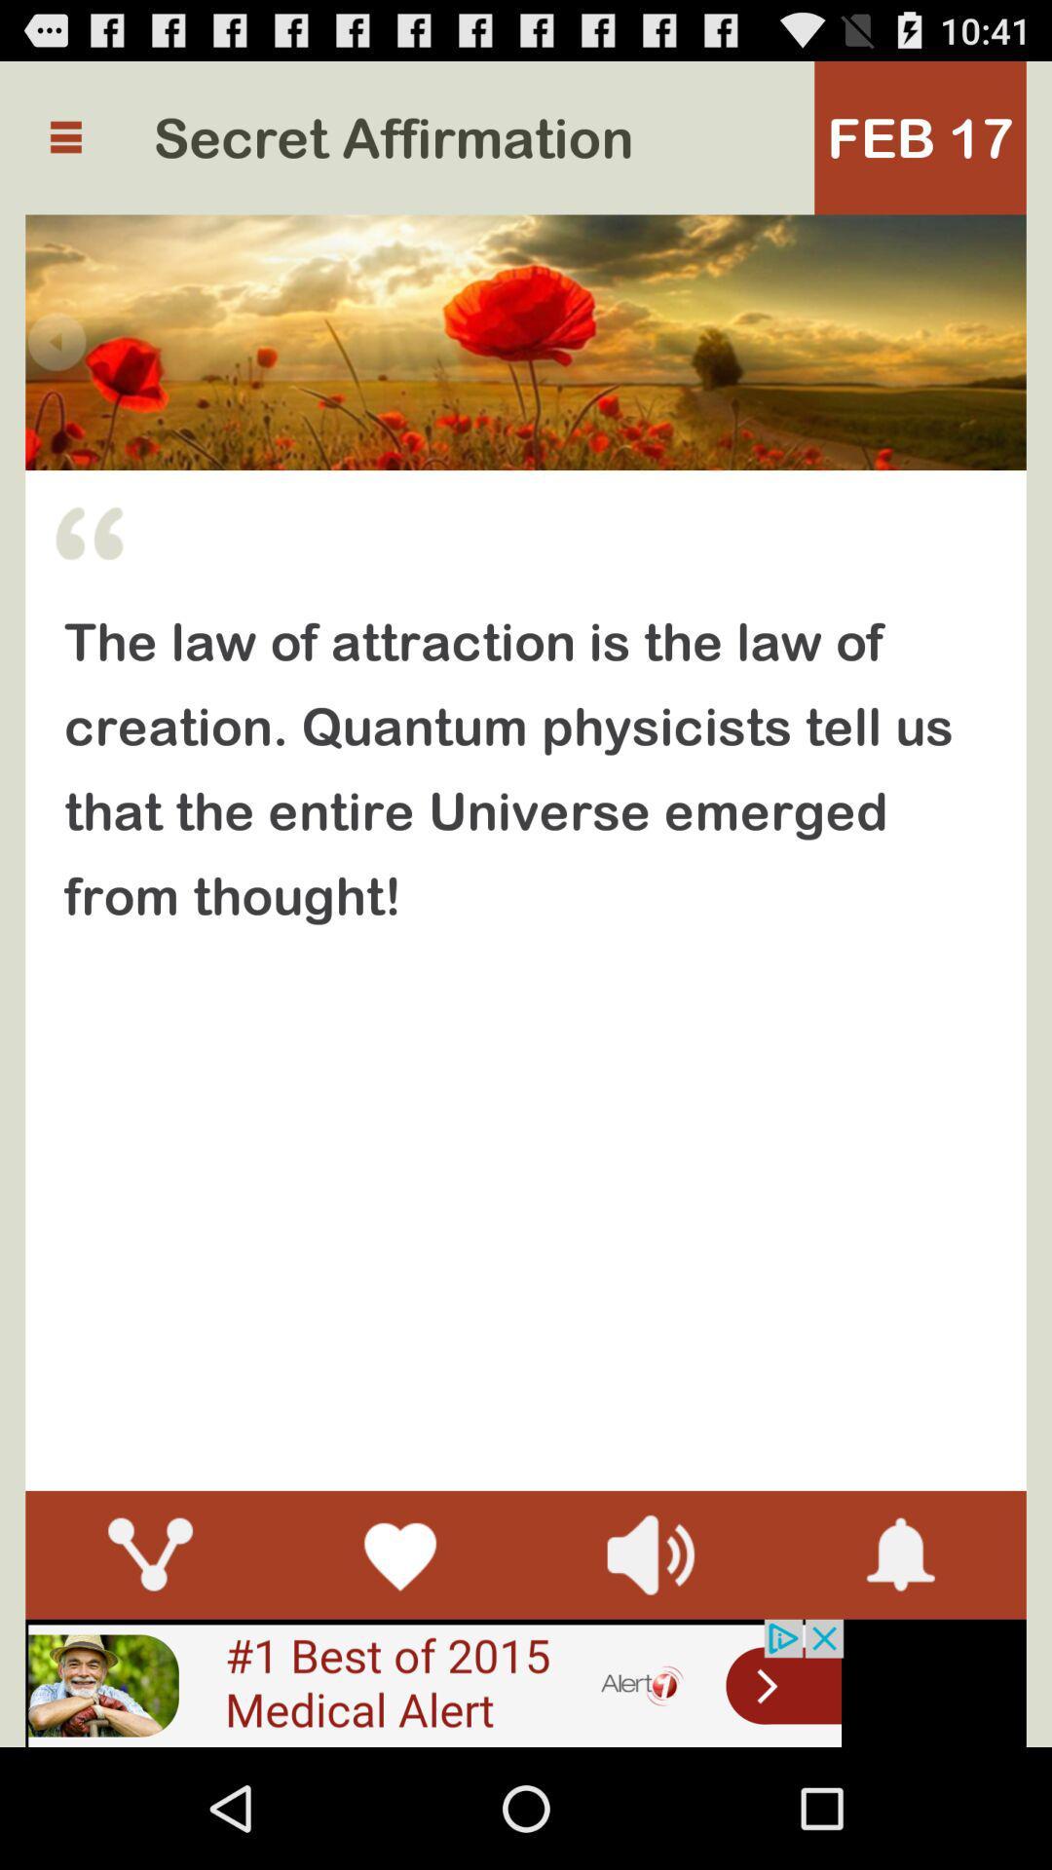 The image size is (1052, 1870). Describe the element at coordinates (433, 1682) in the screenshot. I see `open advertisement` at that location.